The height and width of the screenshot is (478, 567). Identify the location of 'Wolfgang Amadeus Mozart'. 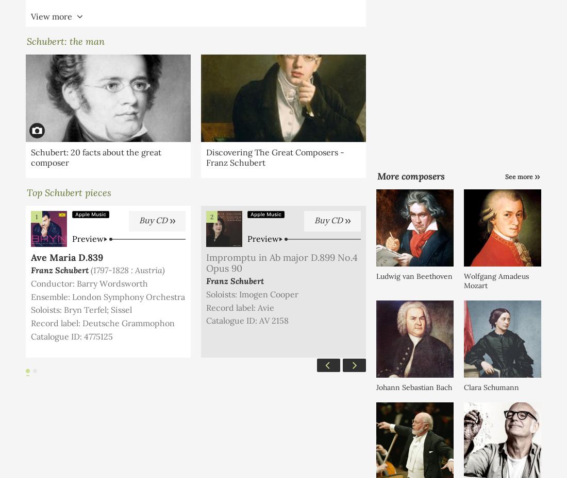
(496, 280).